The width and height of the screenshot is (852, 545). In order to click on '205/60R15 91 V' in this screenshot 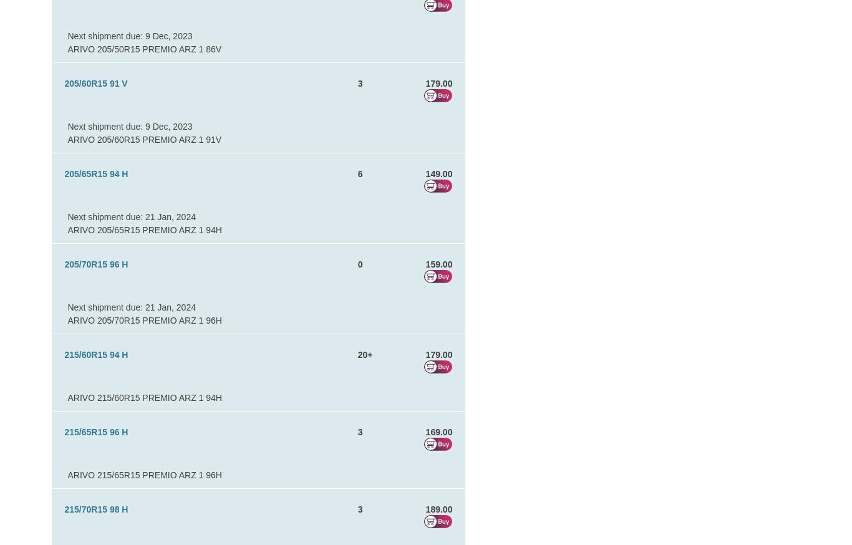, I will do `click(95, 83)`.